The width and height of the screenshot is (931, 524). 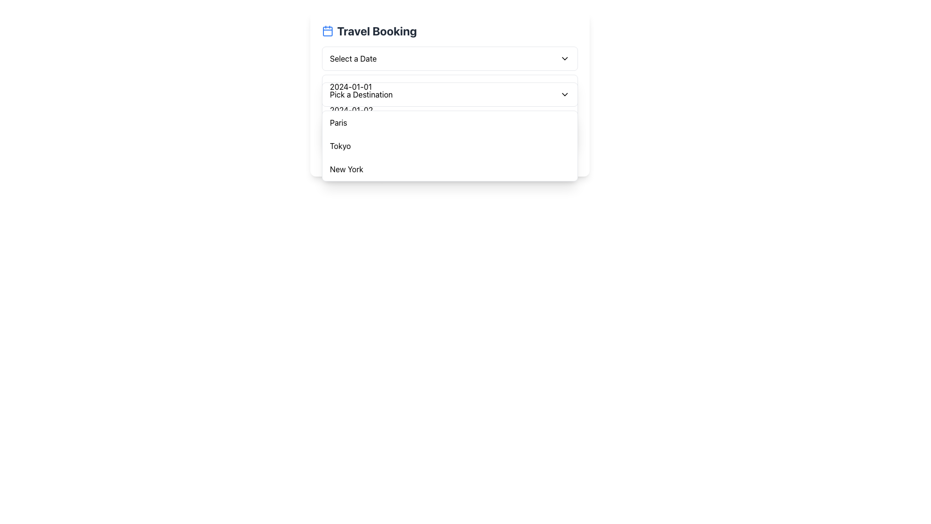 What do you see at coordinates (327, 123) in the screenshot?
I see `the outer circular shape of the SVG icon that visually represents confirmation or success, located to the left of the 'Paris' label in the dropdown list` at bounding box center [327, 123].